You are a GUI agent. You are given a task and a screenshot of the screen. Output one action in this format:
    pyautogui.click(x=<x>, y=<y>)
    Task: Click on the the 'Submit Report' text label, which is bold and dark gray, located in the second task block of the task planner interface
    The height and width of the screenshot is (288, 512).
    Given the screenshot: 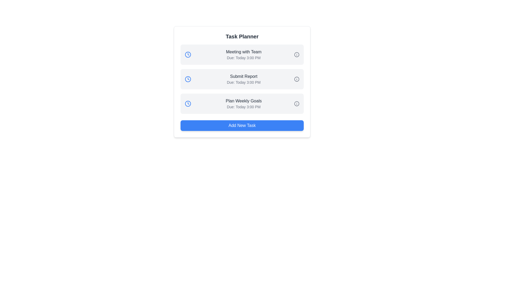 What is the action you would take?
    pyautogui.click(x=243, y=76)
    